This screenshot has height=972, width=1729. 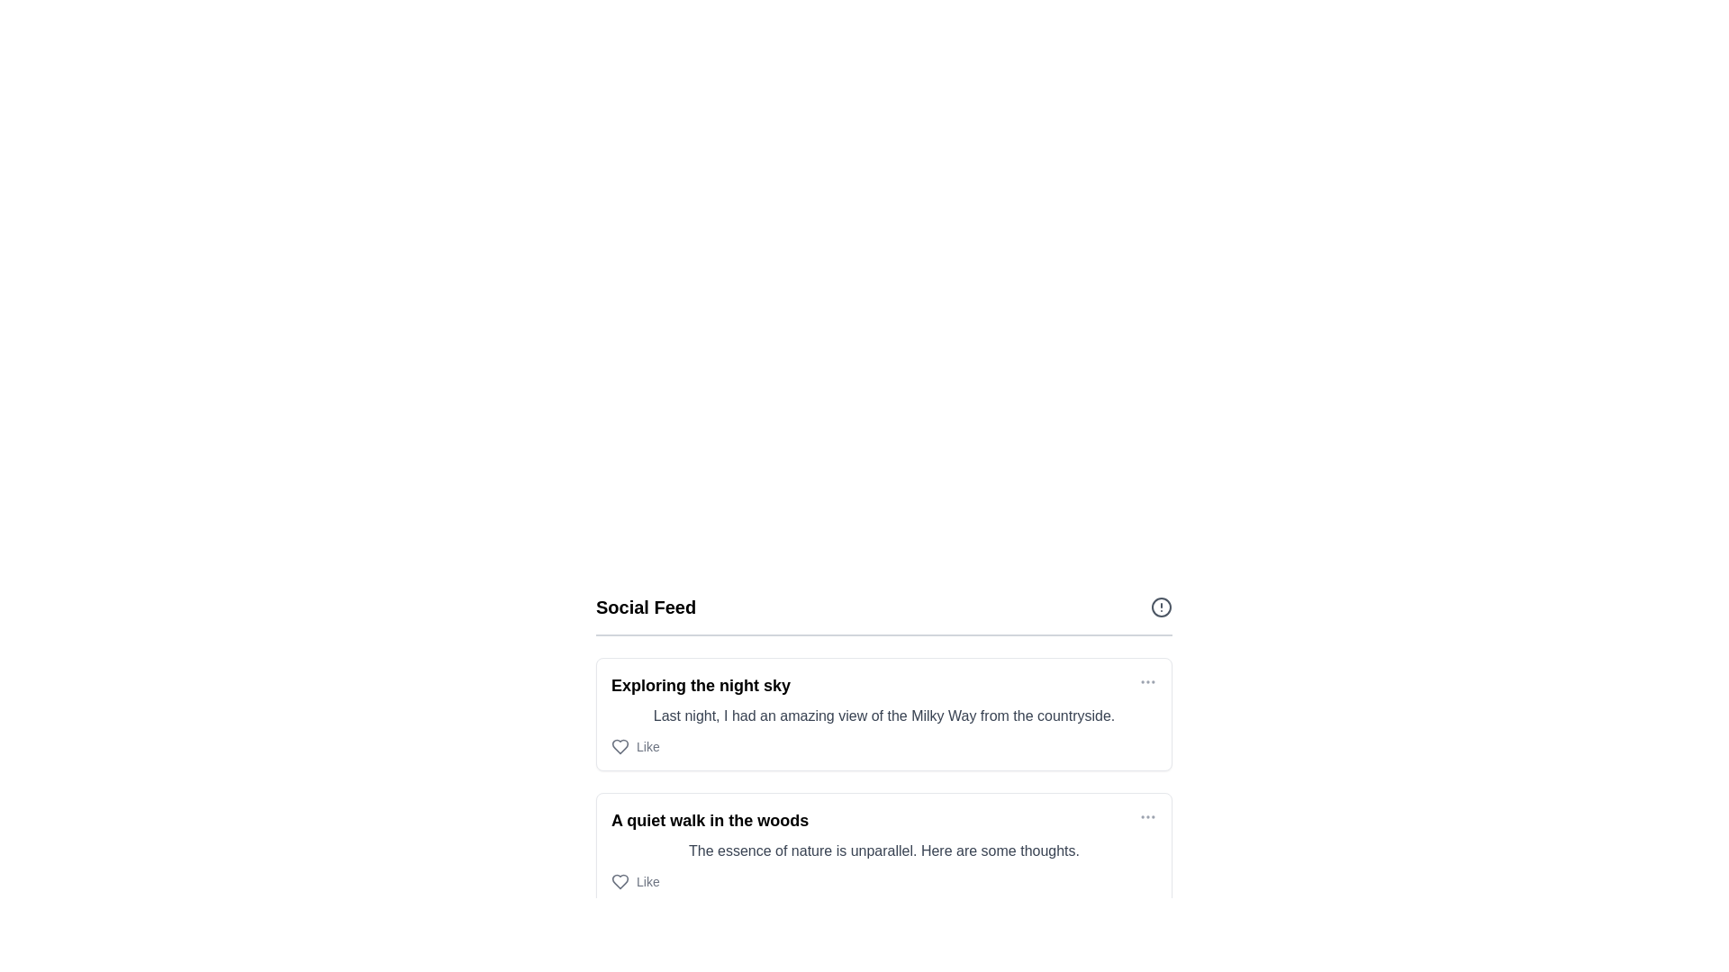 I want to click on the Icon button located at the far right of the 'A quiet walk in the woods' section, so click(x=1147, y=816).